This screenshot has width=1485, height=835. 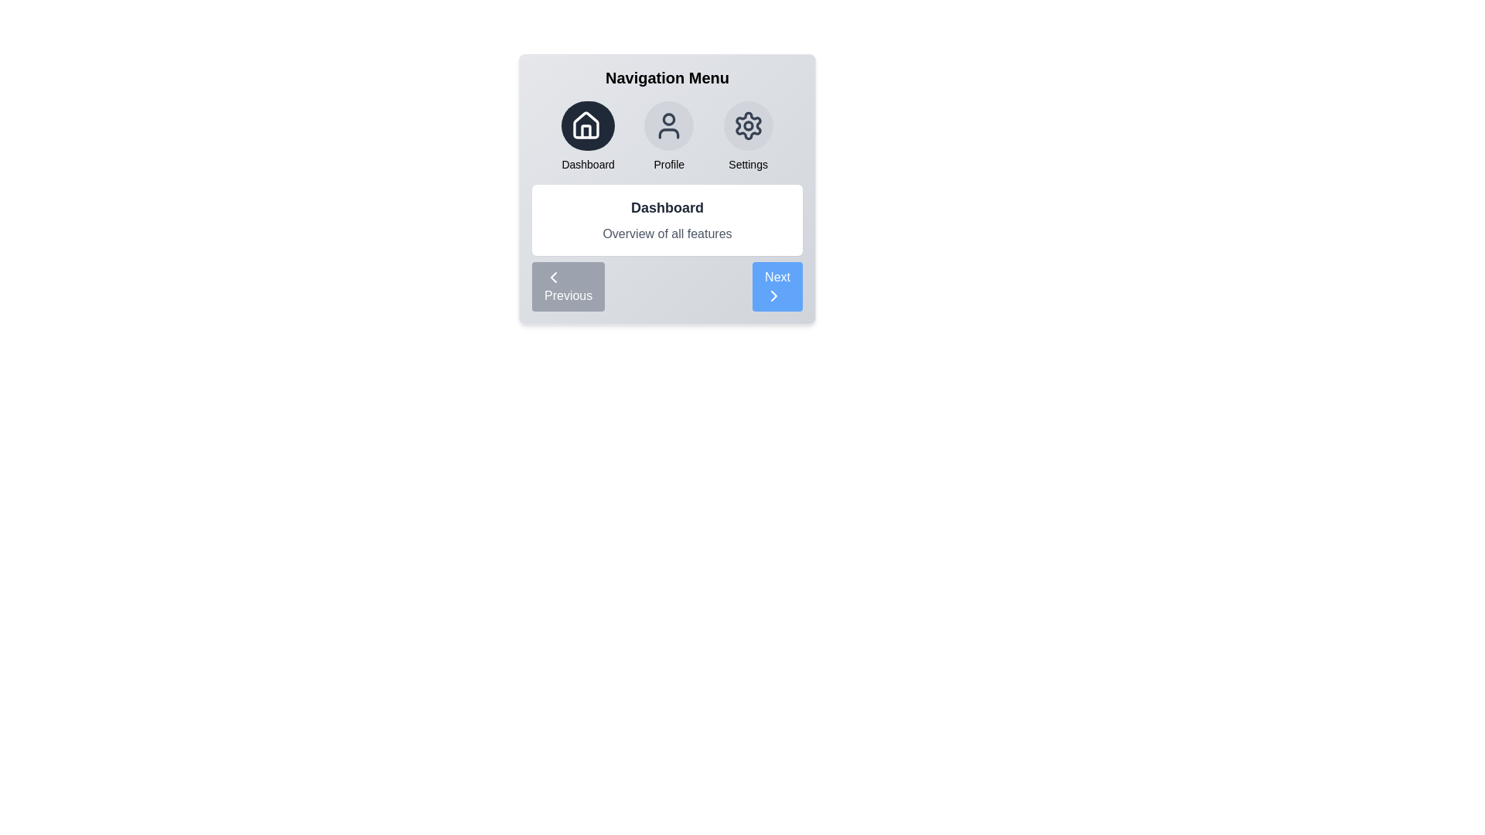 I want to click on the text in the description box below the menu items, so click(x=667, y=220).